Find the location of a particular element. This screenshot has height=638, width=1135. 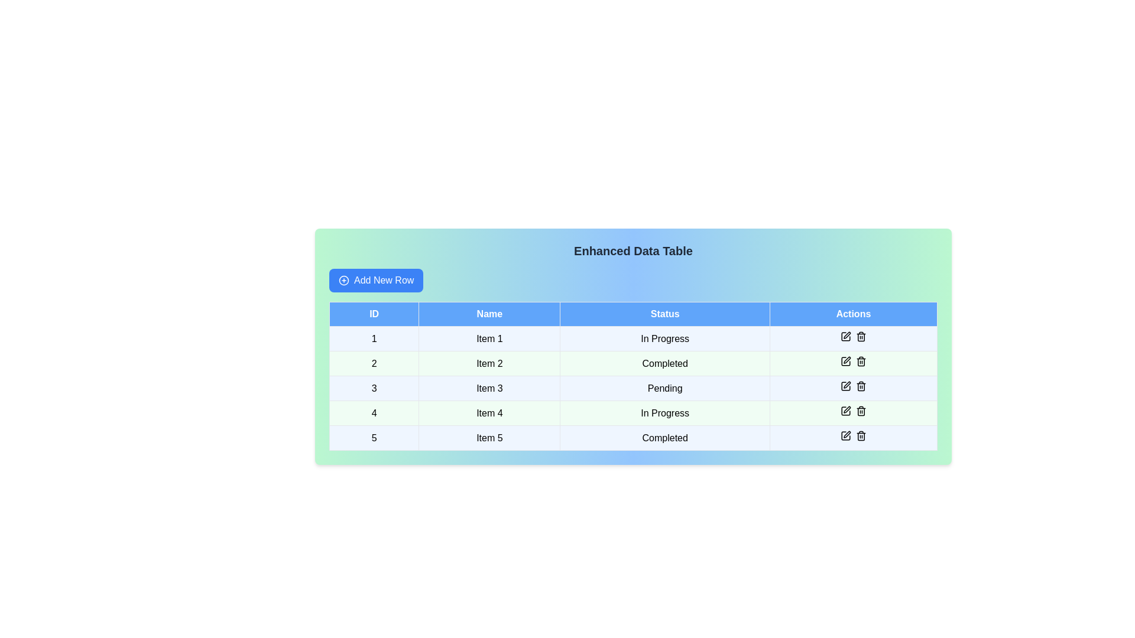

the fourth row in the 'Enhanced Data Table' which displays ID: 4, Name: Item 4, and Status: In Progress is located at coordinates (633, 412).